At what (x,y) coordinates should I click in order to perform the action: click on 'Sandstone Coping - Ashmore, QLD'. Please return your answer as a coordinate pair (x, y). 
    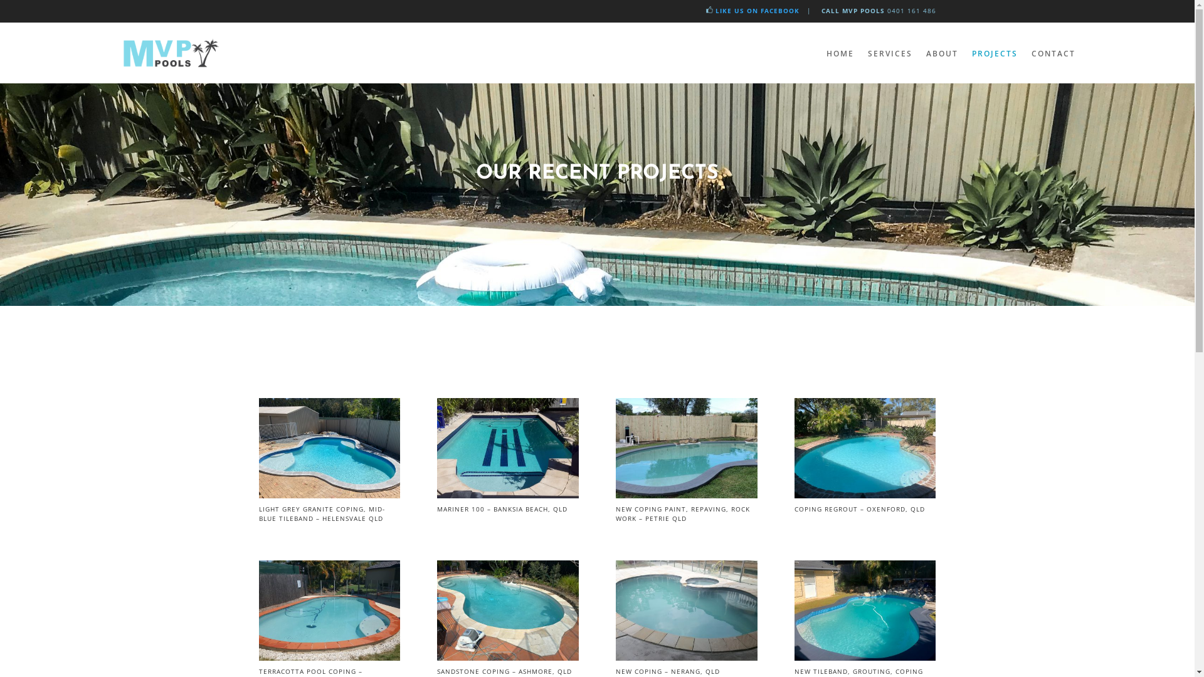
    Looking at the image, I should click on (507, 656).